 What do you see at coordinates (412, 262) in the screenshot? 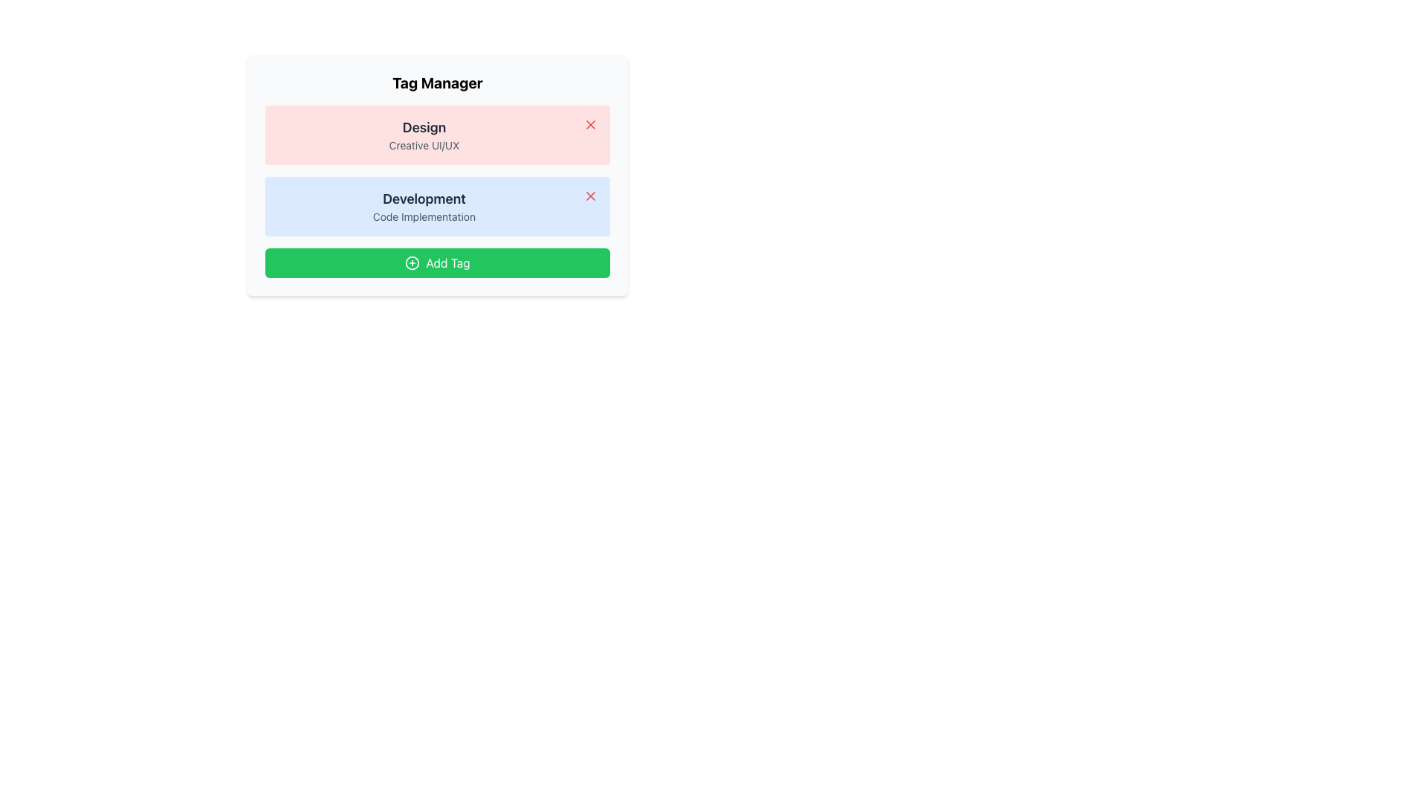
I see `the outer circle component of the circular plus sign icon that is part of the 'Add Tag' button located near the bottom of the interface` at bounding box center [412, 262].